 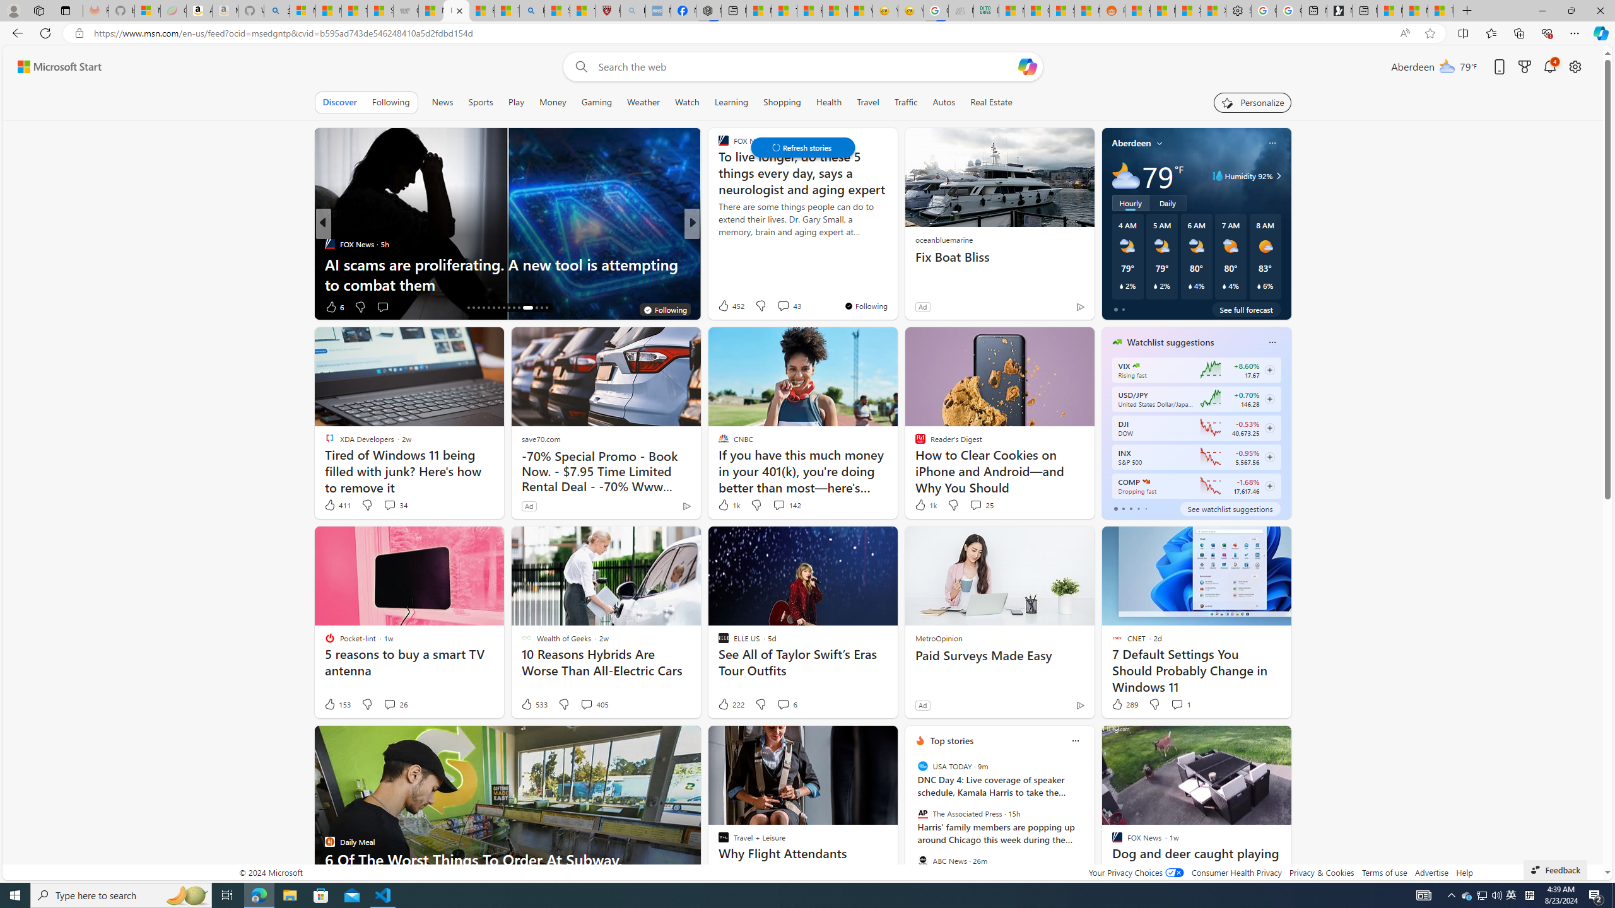 I want to click on 'tab-3', so click(x=1137, y=509).